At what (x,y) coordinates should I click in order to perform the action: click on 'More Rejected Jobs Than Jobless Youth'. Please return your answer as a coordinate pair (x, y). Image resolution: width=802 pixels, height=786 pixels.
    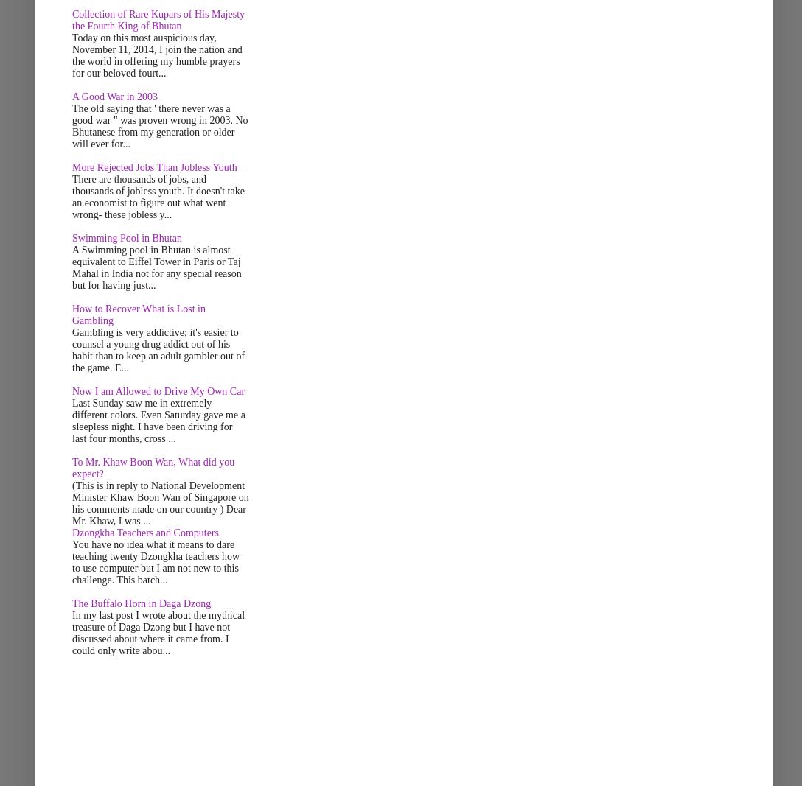
    Looking at the image, I should click on (153, 167).